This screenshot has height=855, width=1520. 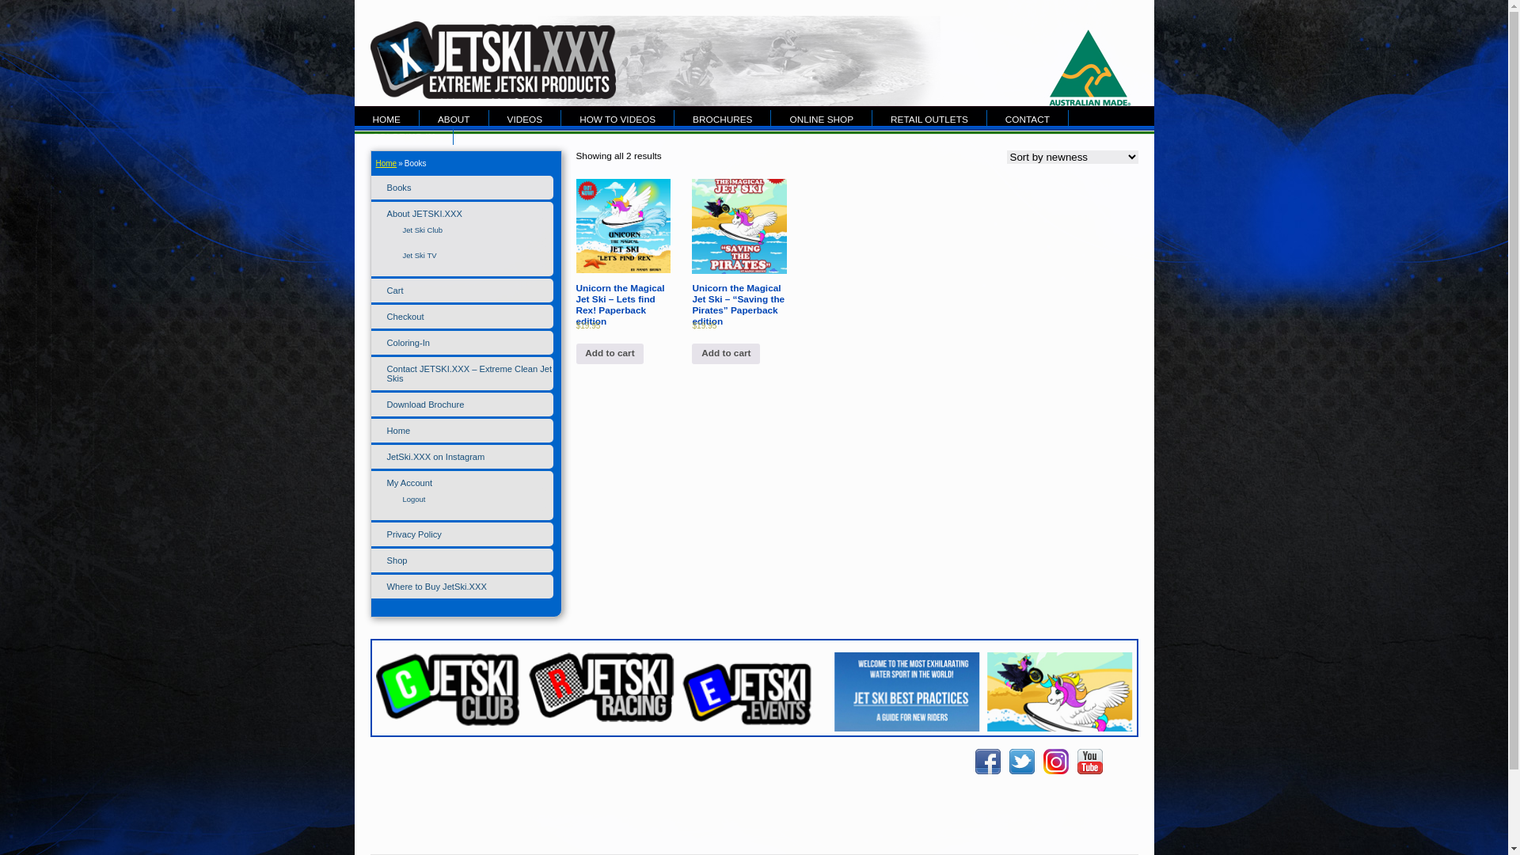 I want to click on 'ABOUT', so click(x=419, y=118).